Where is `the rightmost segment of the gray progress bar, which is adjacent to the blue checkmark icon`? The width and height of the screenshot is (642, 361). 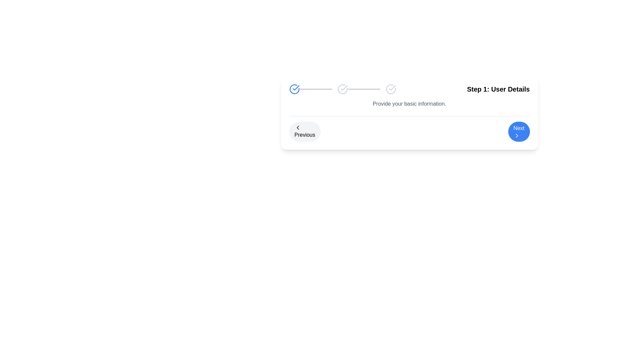 the rightmost segment of the gray progress bar, which is adjacent to the blue checkmark icon is located at coordinates (315, 89).